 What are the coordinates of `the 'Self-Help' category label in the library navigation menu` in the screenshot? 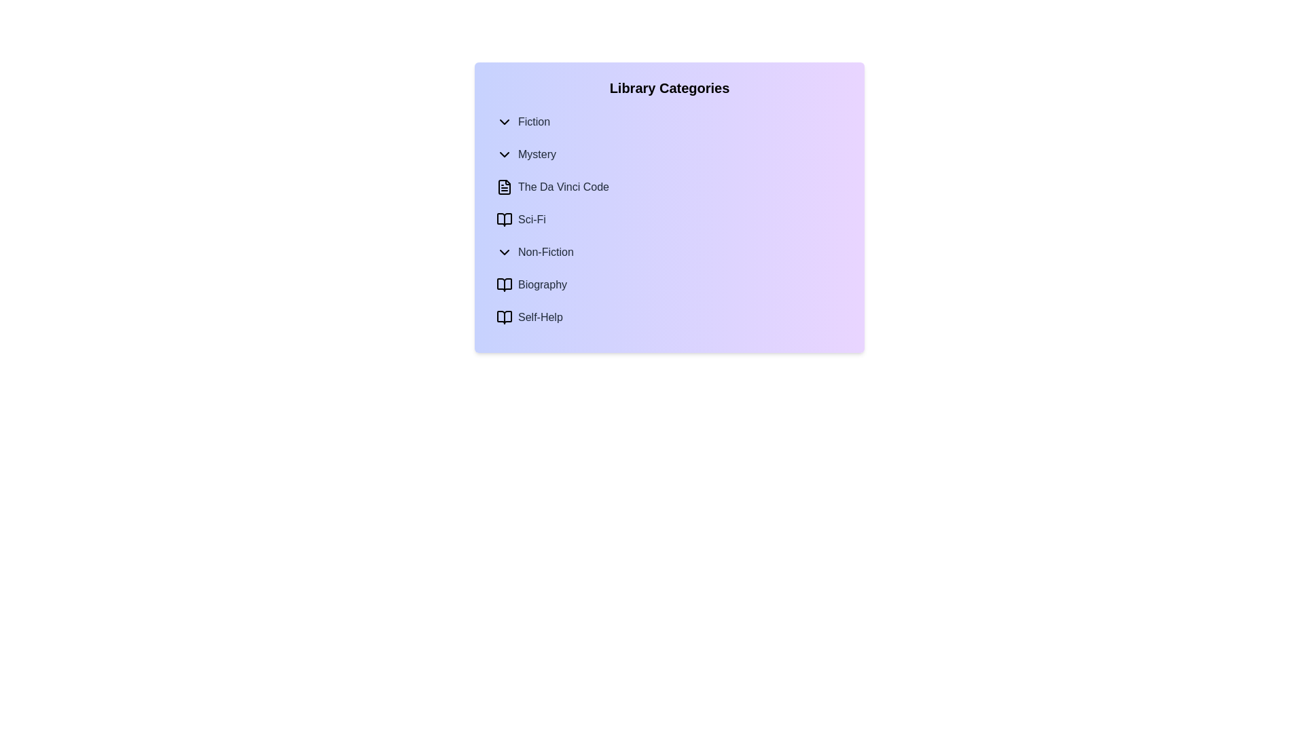 It's located at (539, 317).